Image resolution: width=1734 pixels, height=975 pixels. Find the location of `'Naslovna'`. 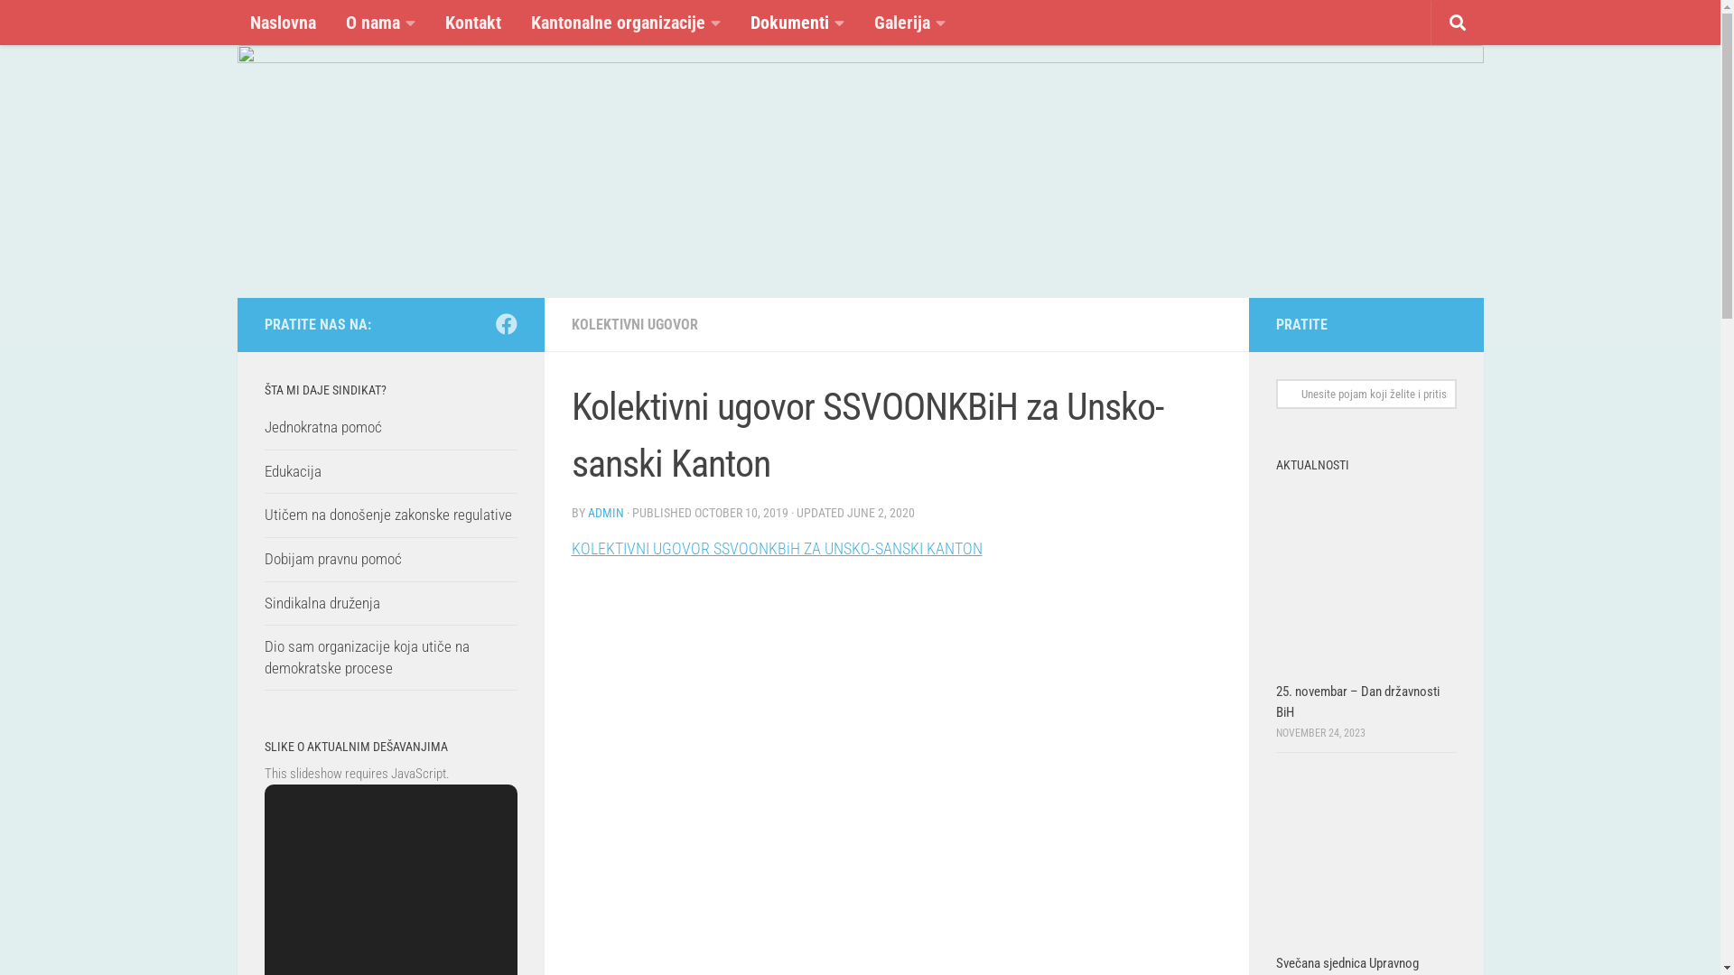

'Naslovna' is located at coordinates (281, 22).